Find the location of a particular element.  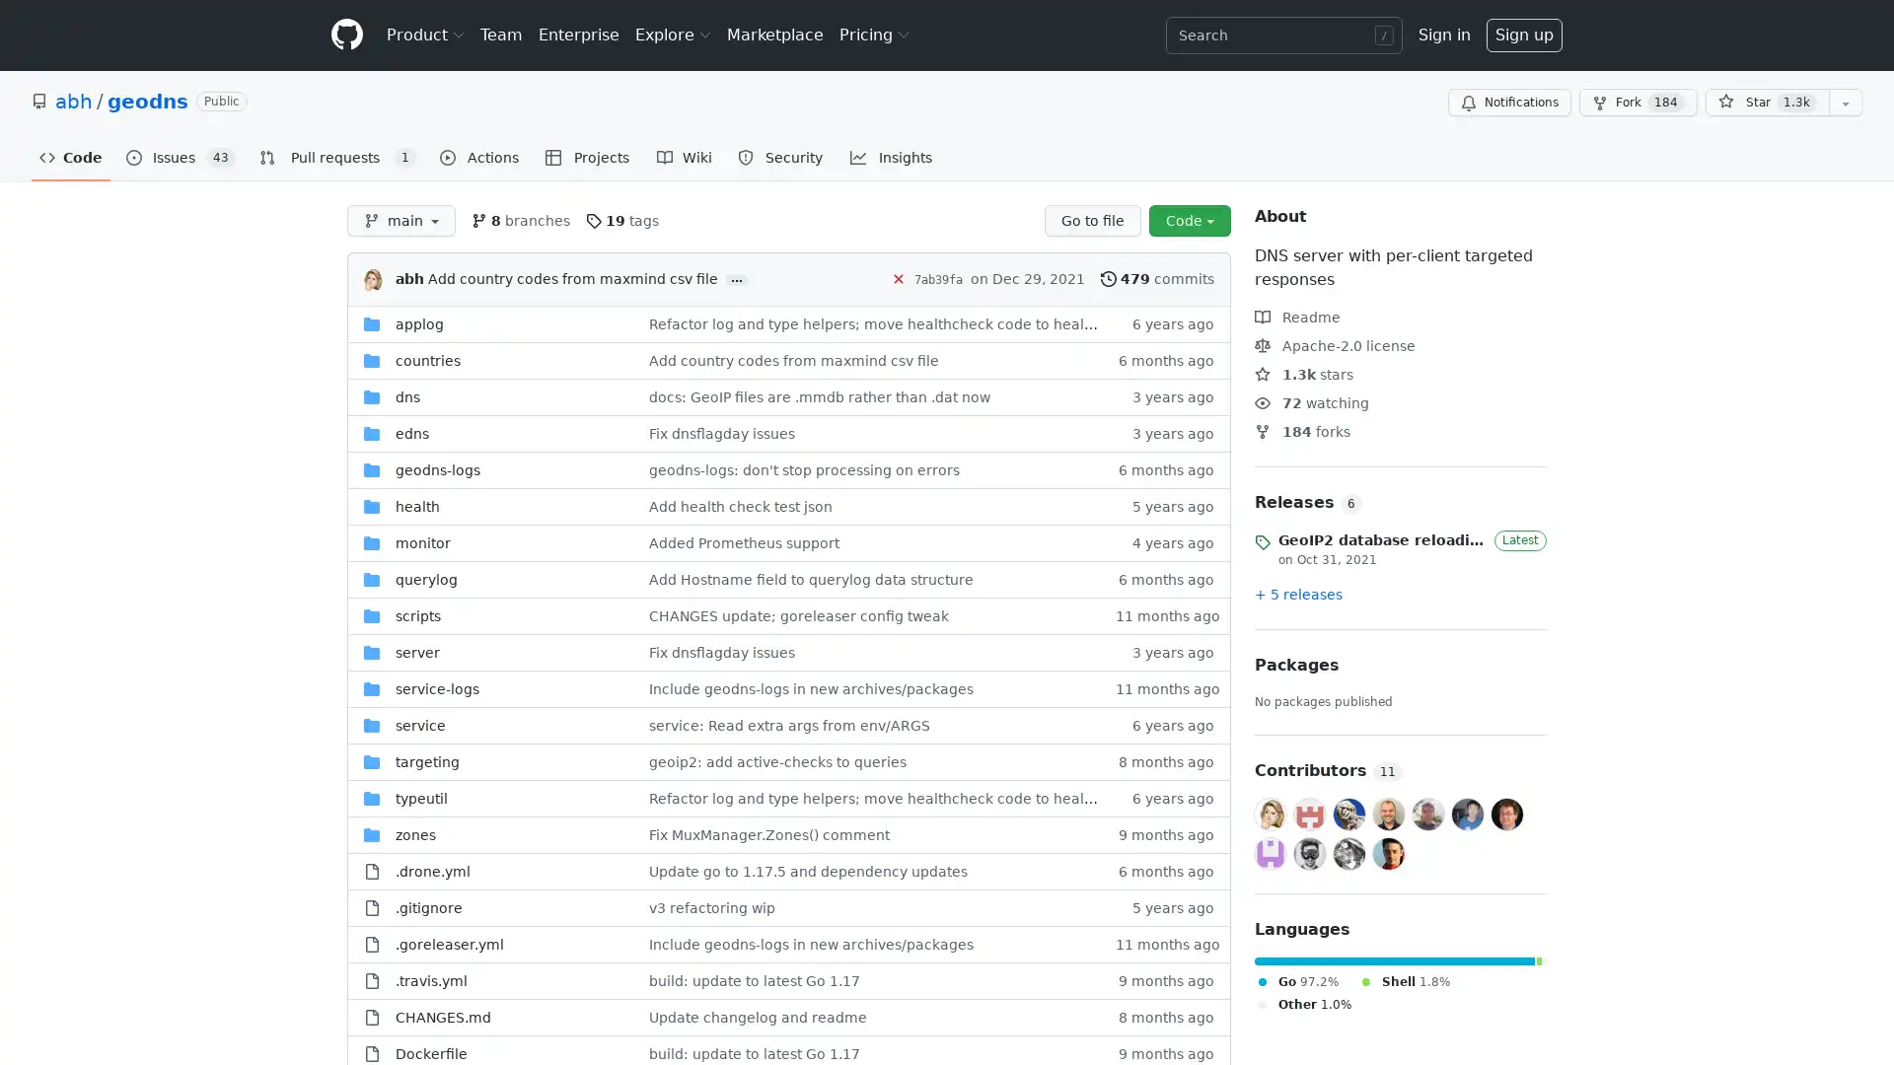

You must be signed in to add this repository to a list is located at coordinates (1845, 103).